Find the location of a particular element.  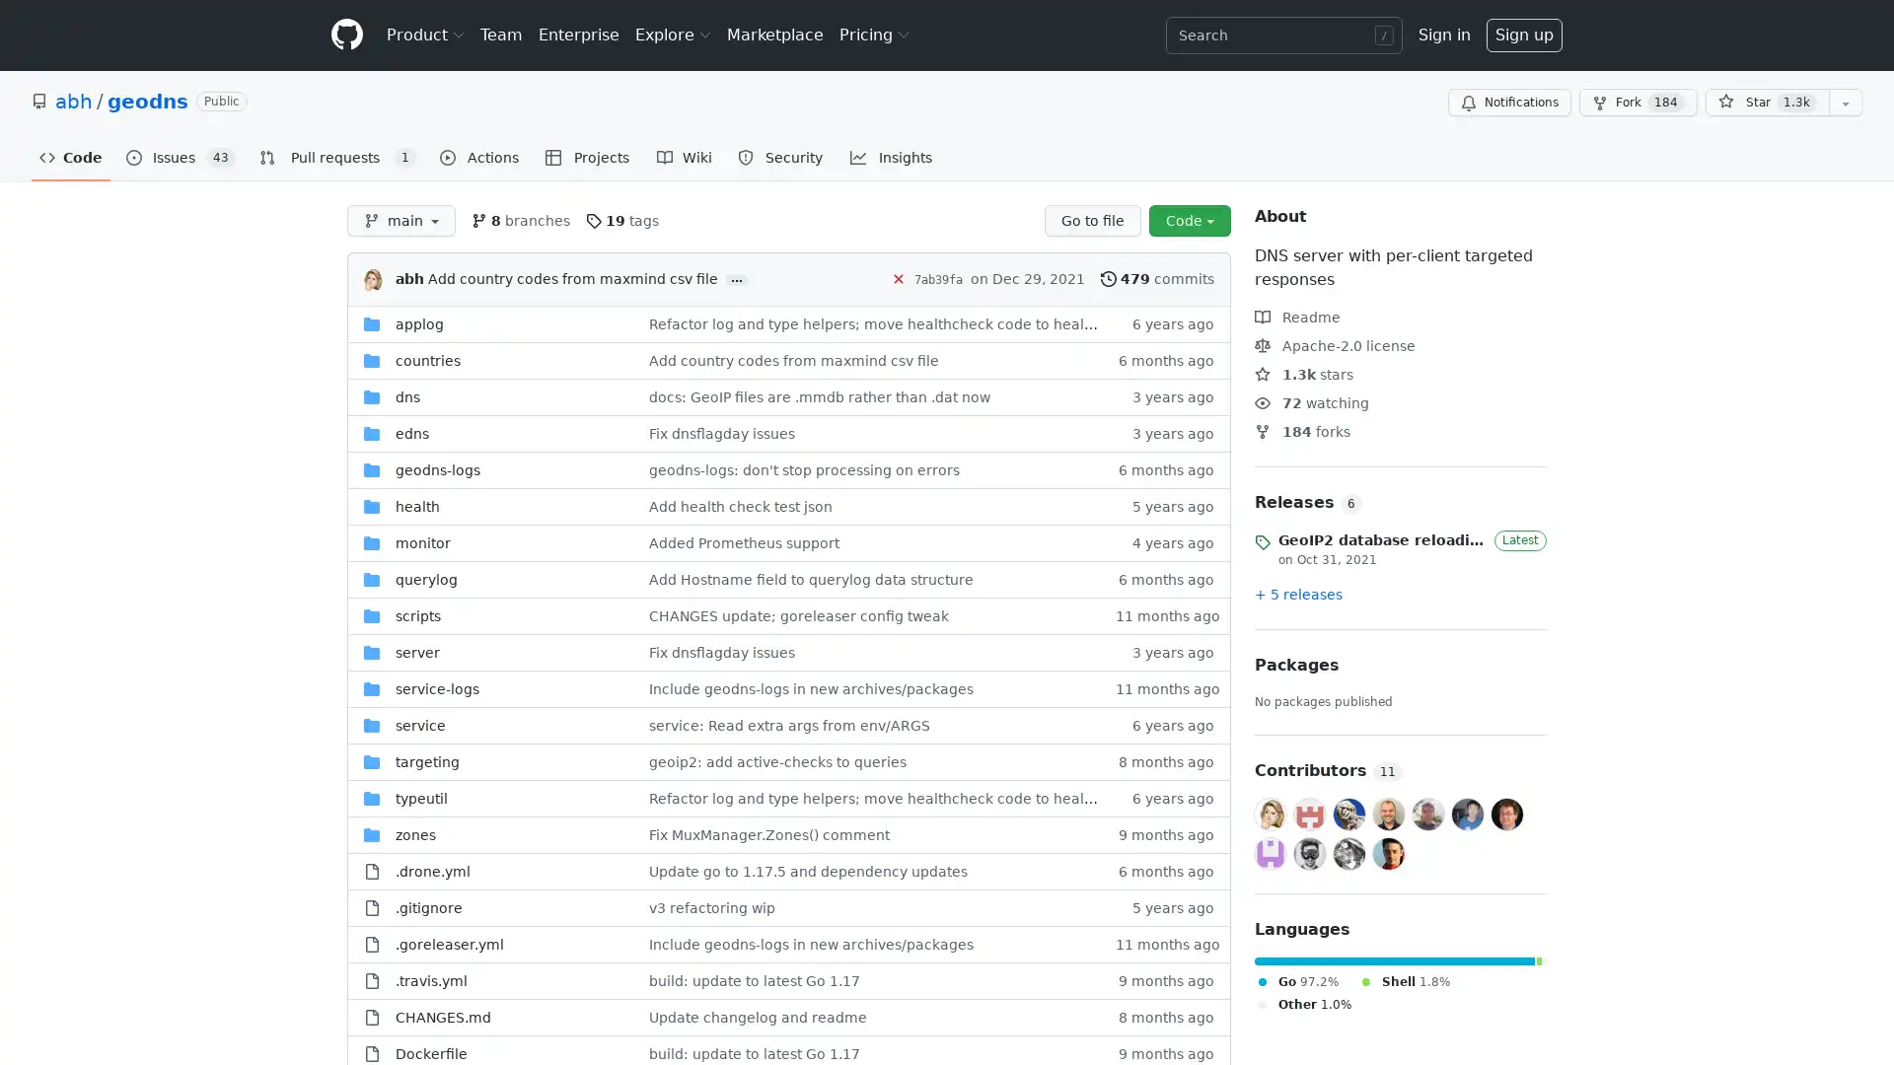

You must be signed in to add this repository to a list is located at coordinates (1845, 103).